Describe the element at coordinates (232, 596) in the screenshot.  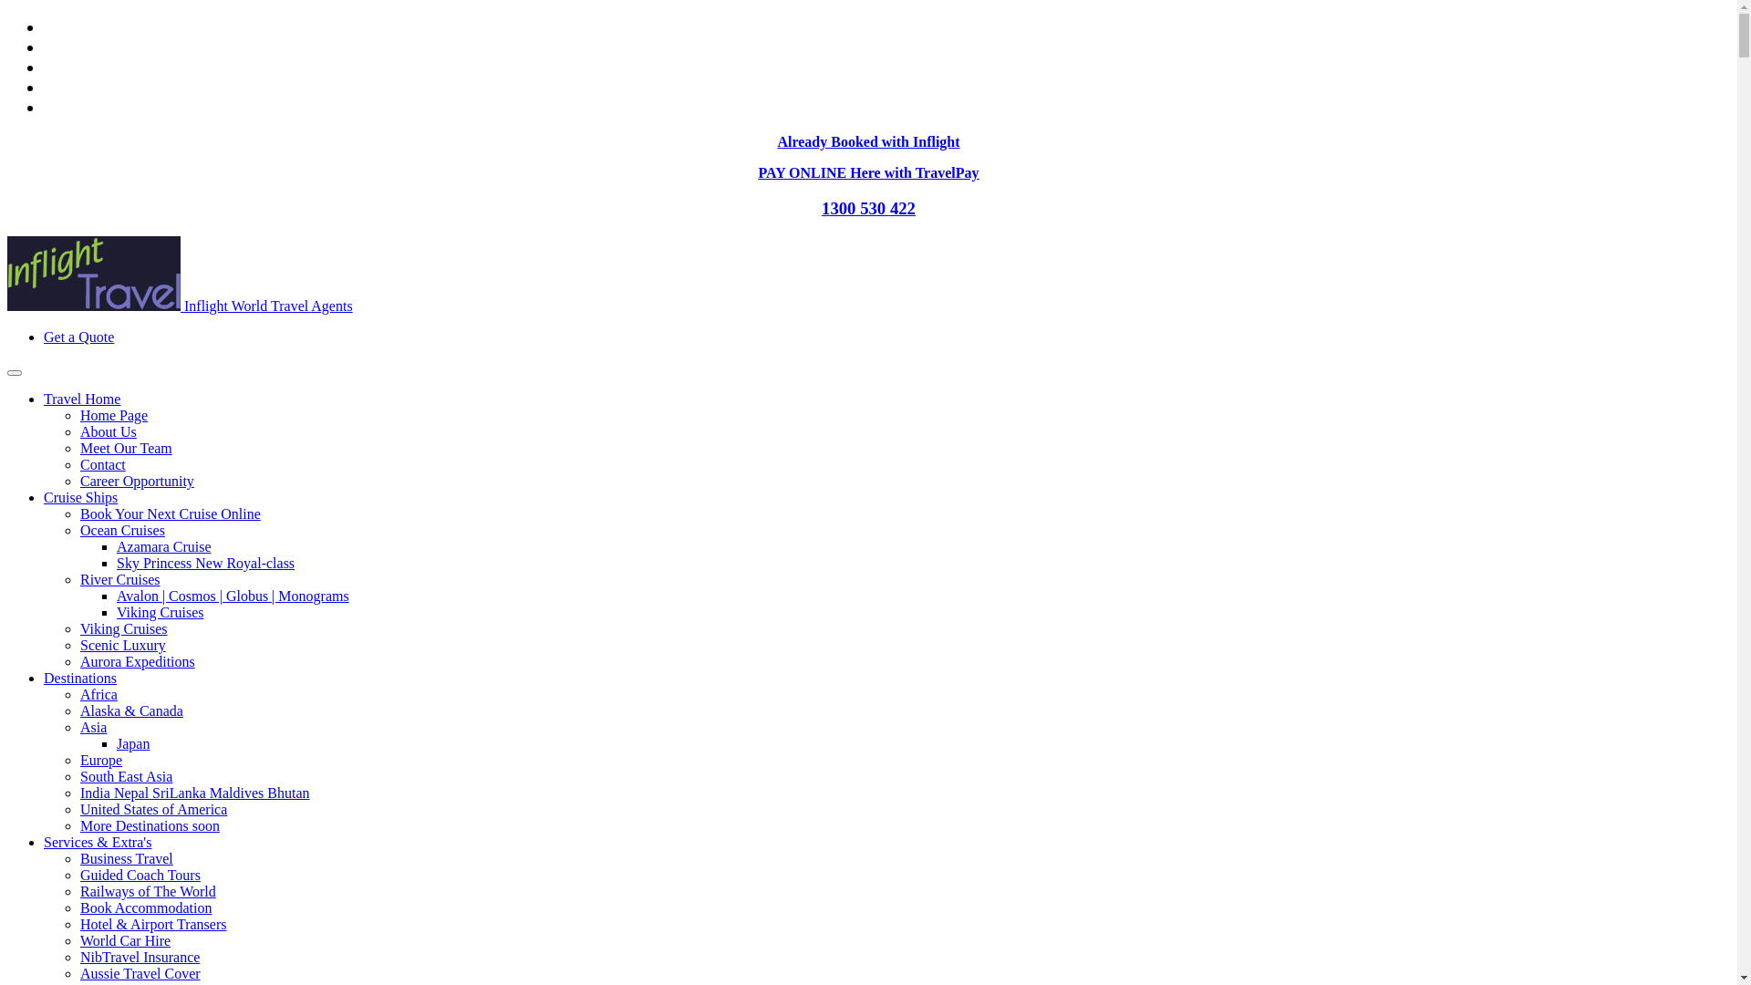
I see `'Avalon | Cosmos | Globus | Monograms'` at that location.